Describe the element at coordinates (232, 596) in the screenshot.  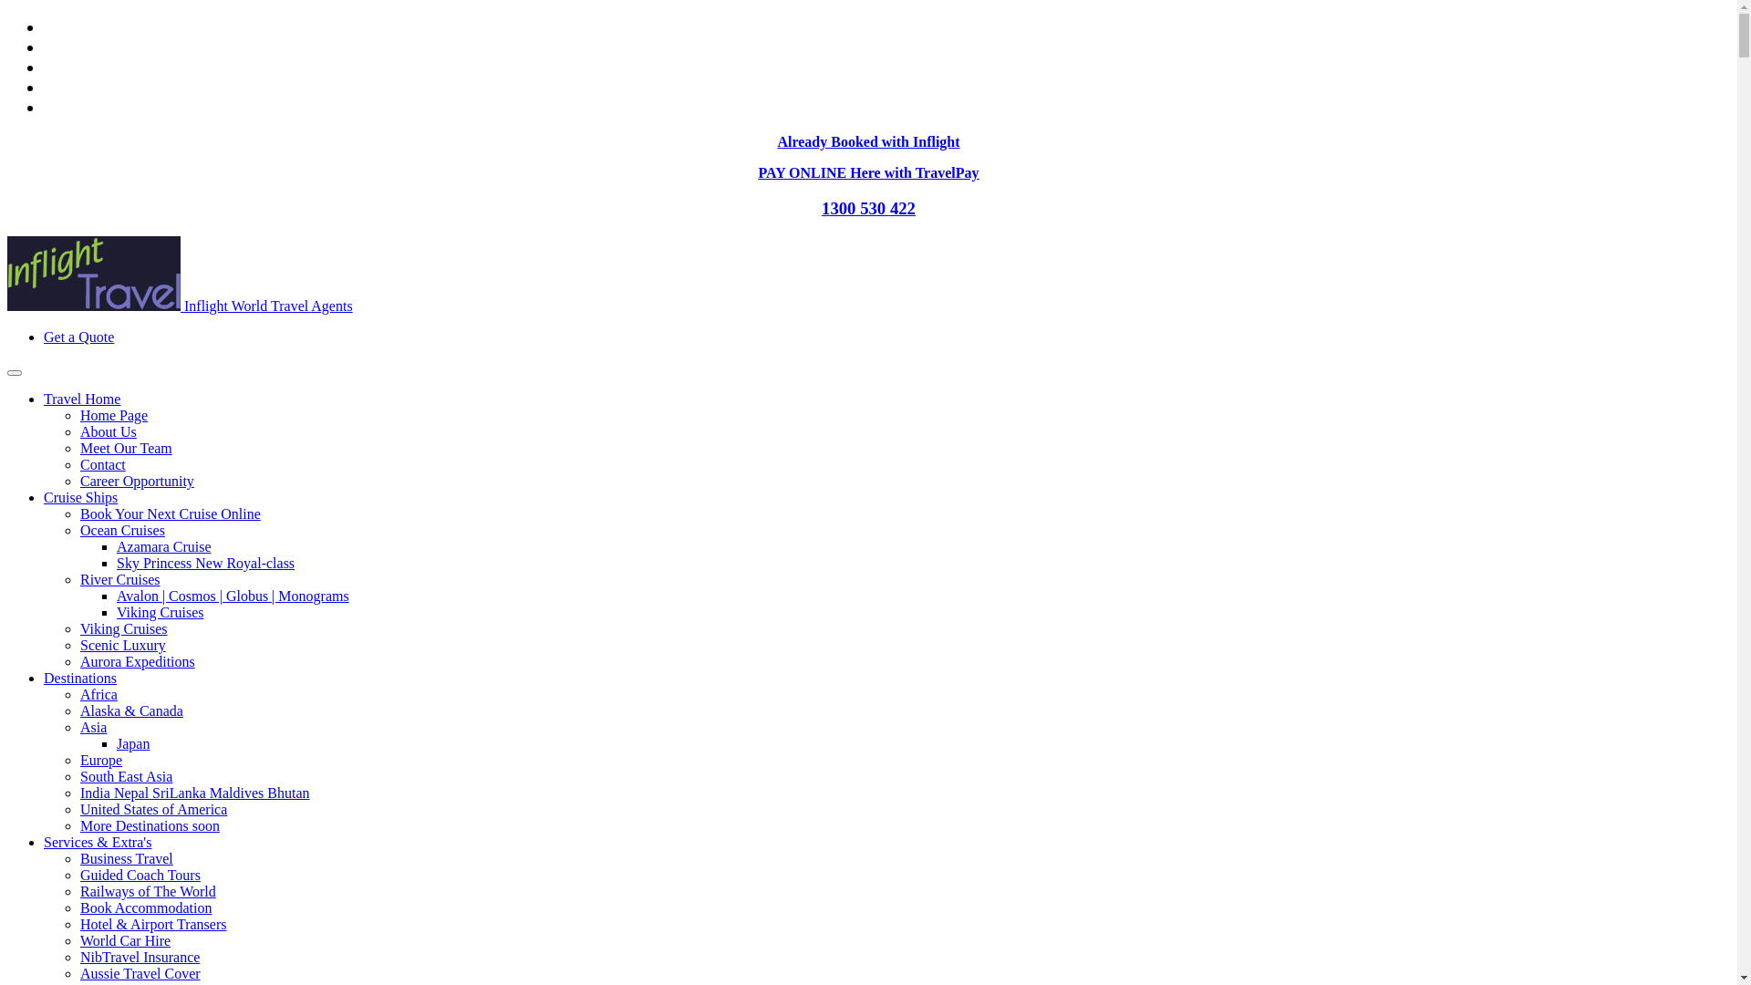
I see `'Avalon | Cosmos | Globus | Monograms'` at that location.